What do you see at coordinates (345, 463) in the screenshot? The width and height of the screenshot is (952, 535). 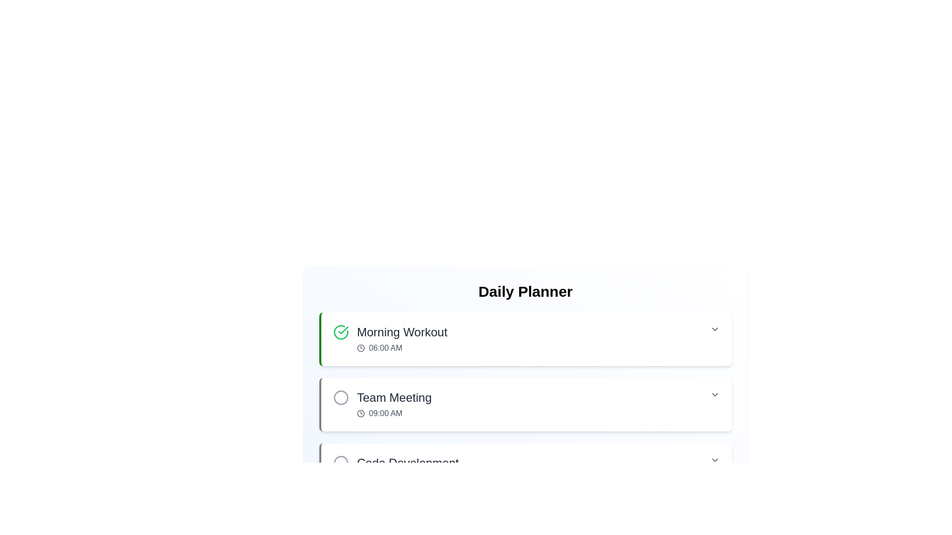 I see `the circular gray outlined icon` at bounding box center [345, 463].